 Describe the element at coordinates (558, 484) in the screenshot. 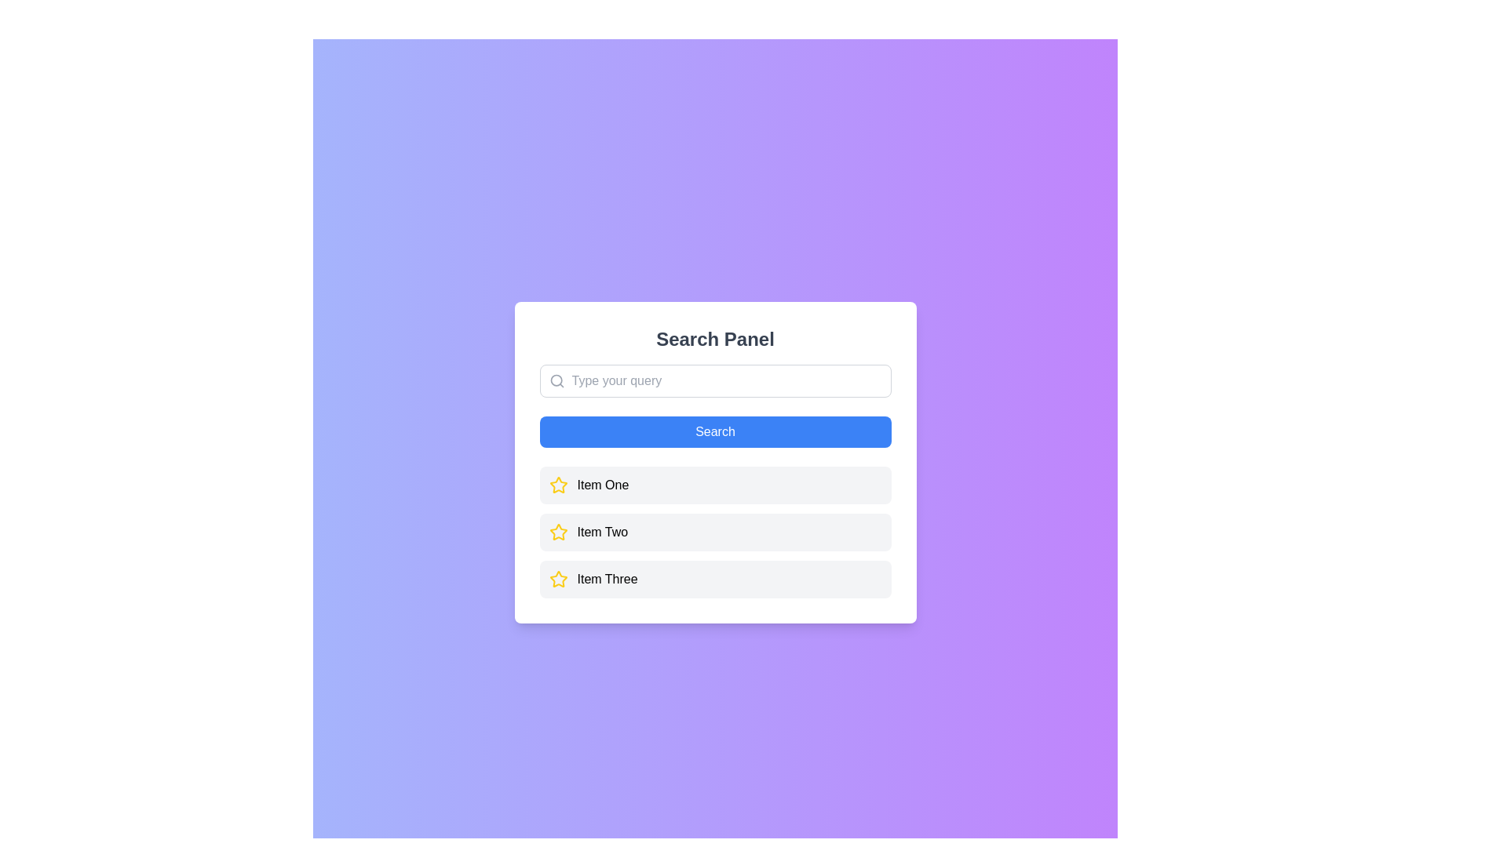

I see `the yellow star-shaped icon next to the text 'Item Two' to mark it as a favorite or toggle its status` at that location.